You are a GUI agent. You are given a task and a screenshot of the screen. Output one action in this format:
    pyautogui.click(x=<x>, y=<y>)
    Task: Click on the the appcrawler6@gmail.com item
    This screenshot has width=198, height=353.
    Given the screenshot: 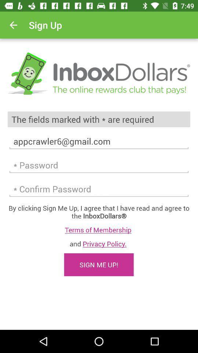 What is the action you would take?
    pyautogui.click(x=99, y=141)
    